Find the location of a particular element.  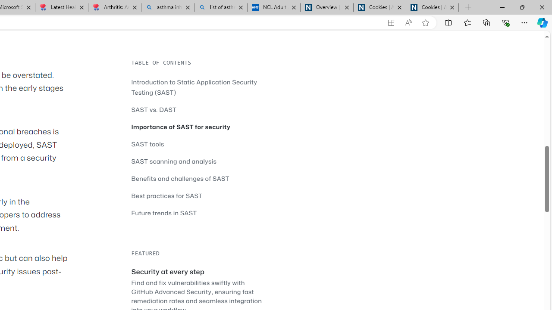

'App available. Install GitHub' is located at coordinates (390, 22).